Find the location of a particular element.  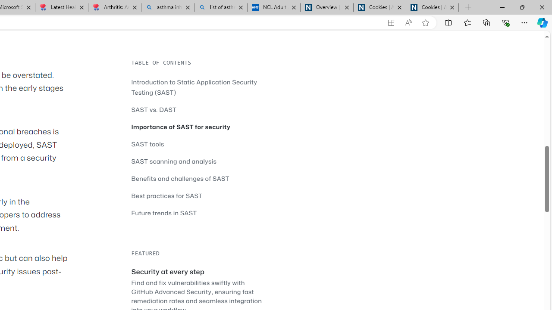

'App available. Install GitHub' is located at coordinates (390, 22).